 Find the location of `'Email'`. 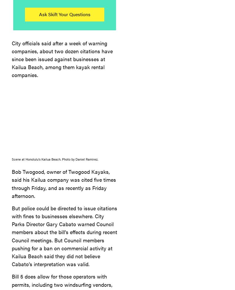

'Email' is located at coordinates (179, 78).